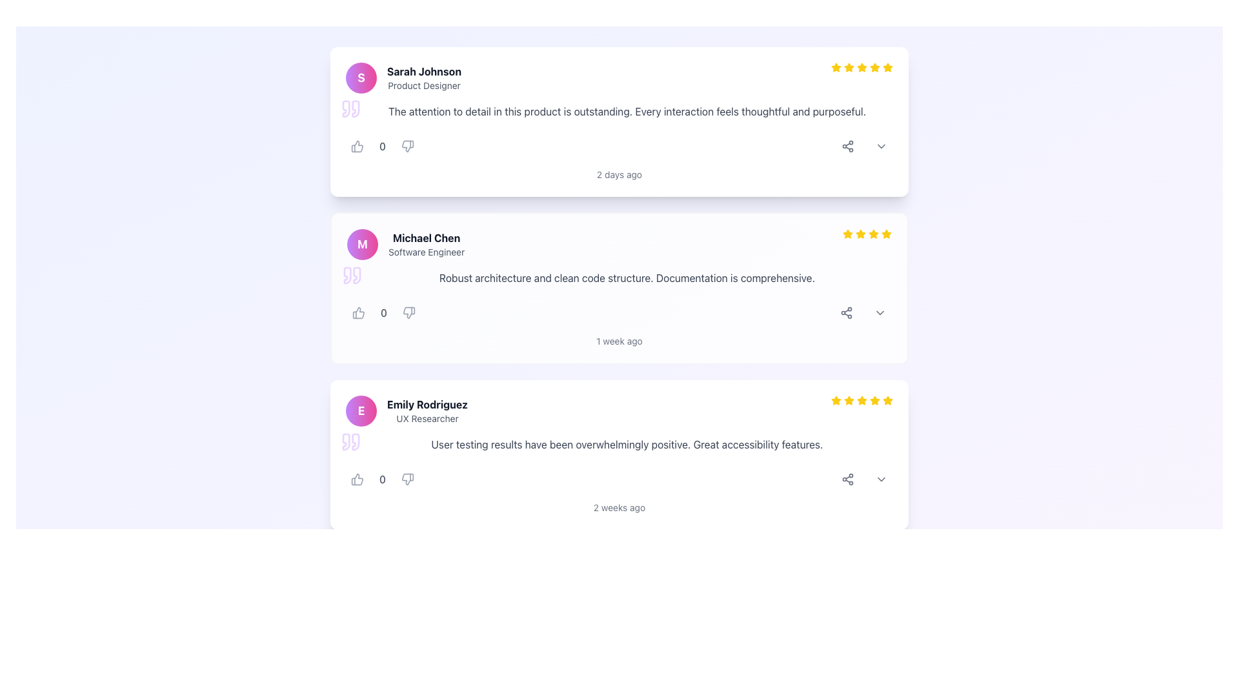 Image resolution: width=1239 pixels, height=697 pixels. What do you see at coordinates (407, 480) in the screenshot?
I see `the thumbs-down icon, which is gray and simplistic, located in the feedback card at the bottom of the third comment to dislike or remove a dislike` at bounding box center [407, 480].